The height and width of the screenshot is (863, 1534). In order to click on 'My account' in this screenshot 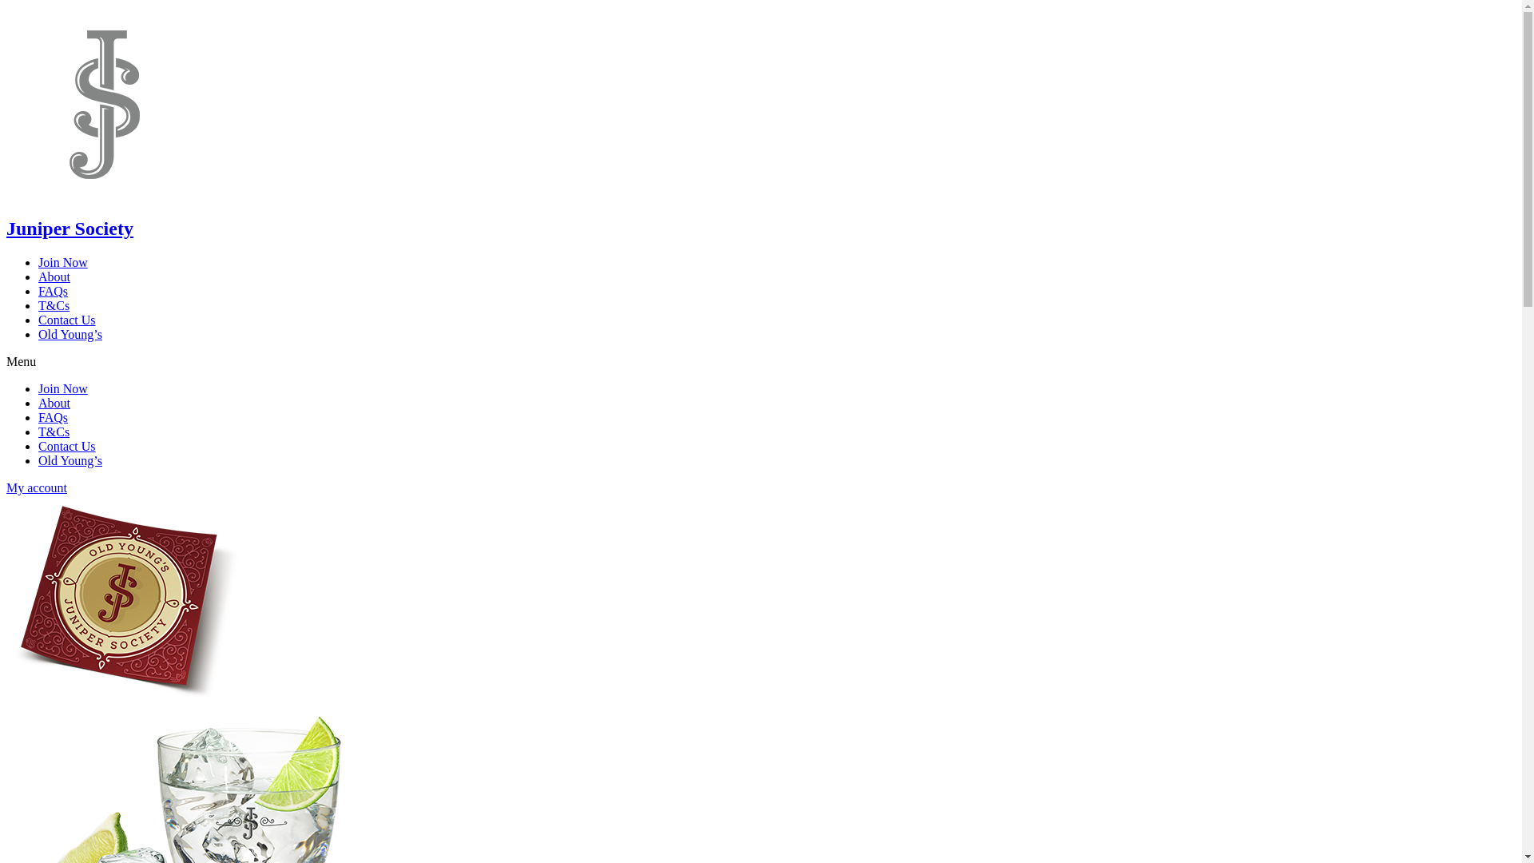, I will do `click(37, 487)`.